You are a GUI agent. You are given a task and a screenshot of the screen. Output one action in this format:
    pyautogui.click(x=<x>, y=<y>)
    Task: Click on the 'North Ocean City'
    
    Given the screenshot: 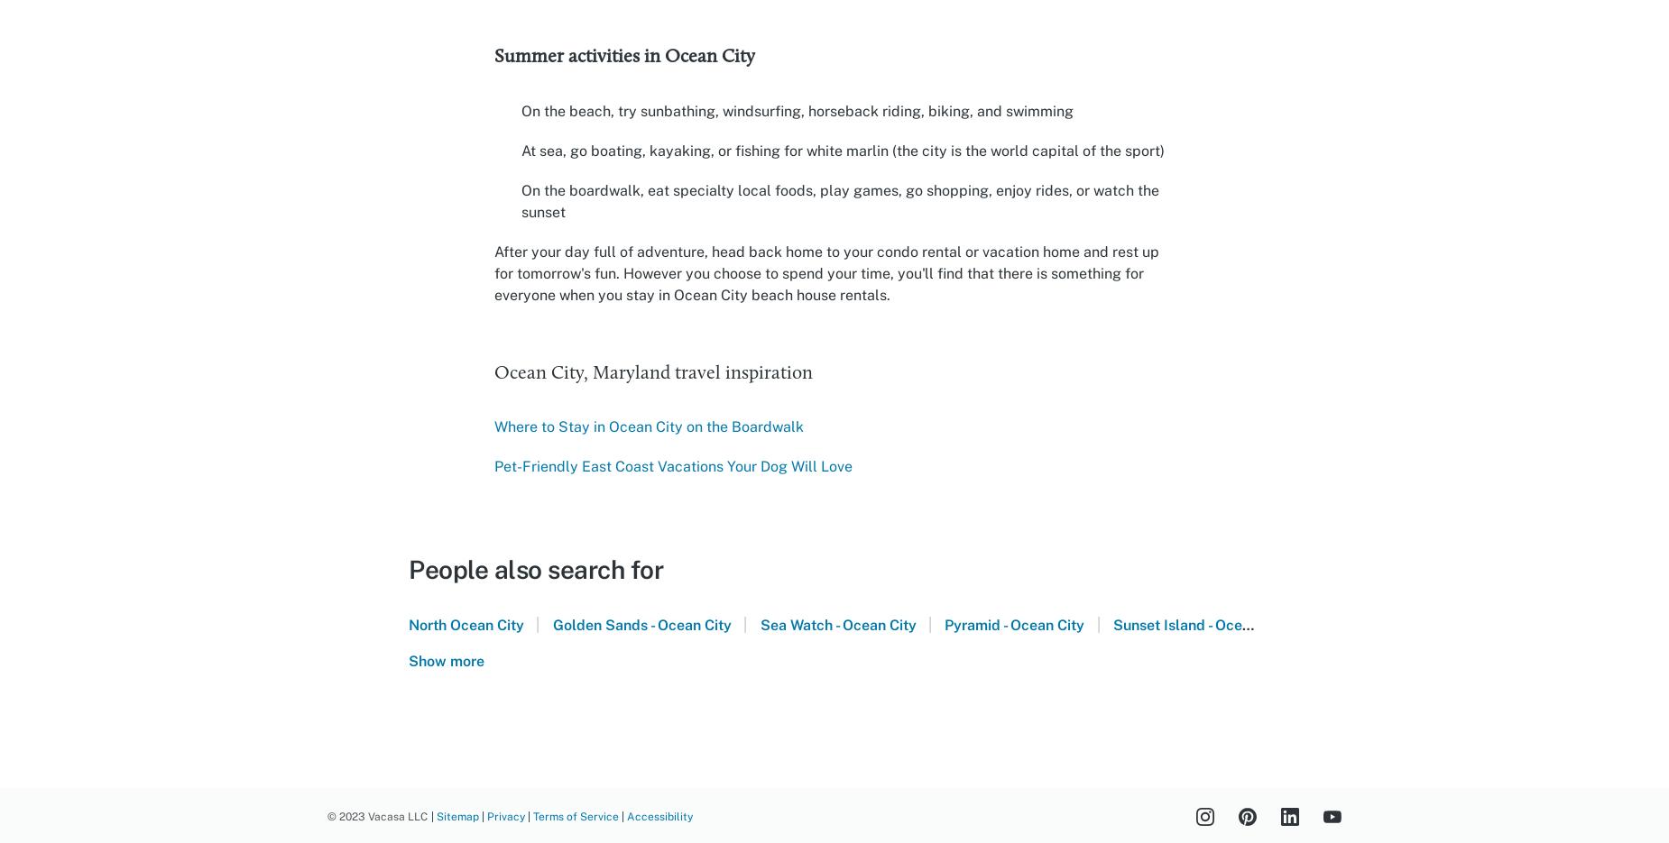 What is the action you would take?
    pyautogui.click(x=466, y=624)
    